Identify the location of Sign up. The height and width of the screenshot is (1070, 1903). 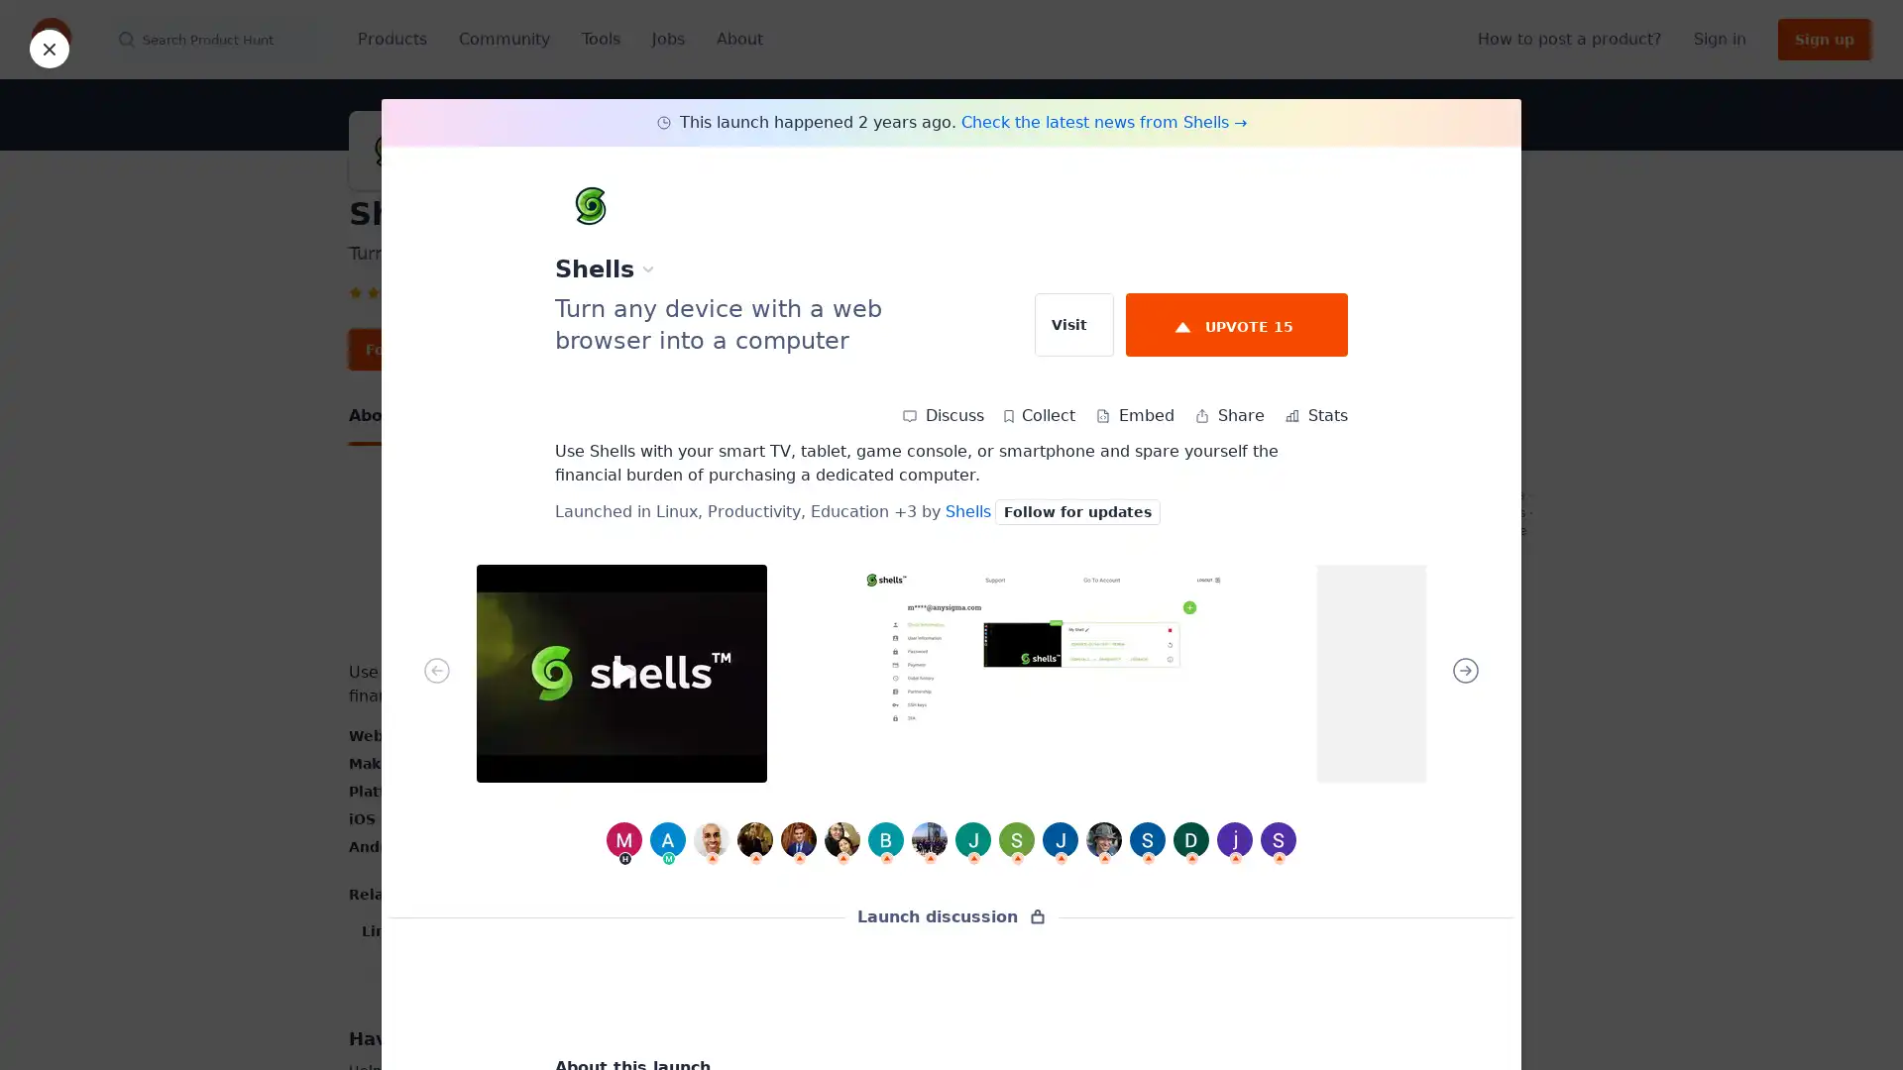
(1824, 39).